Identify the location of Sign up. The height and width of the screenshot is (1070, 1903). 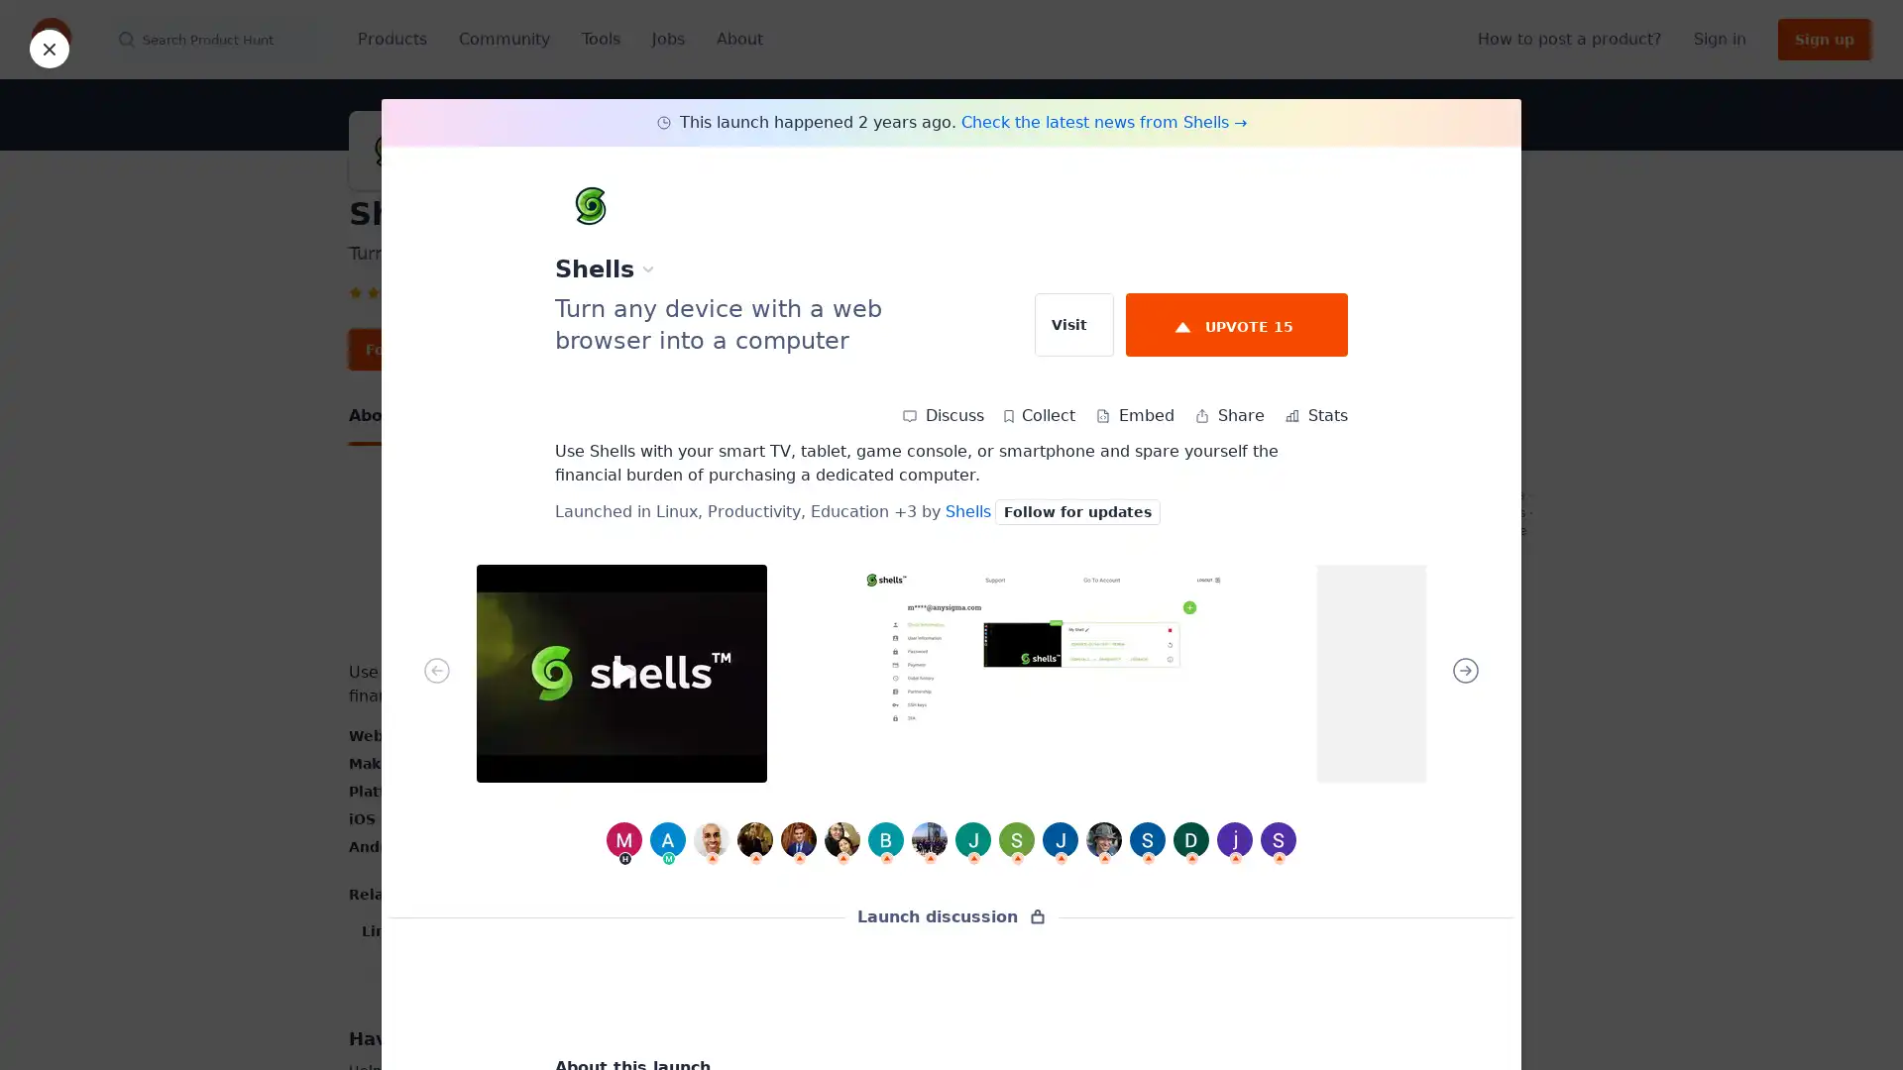
(1824, 39).